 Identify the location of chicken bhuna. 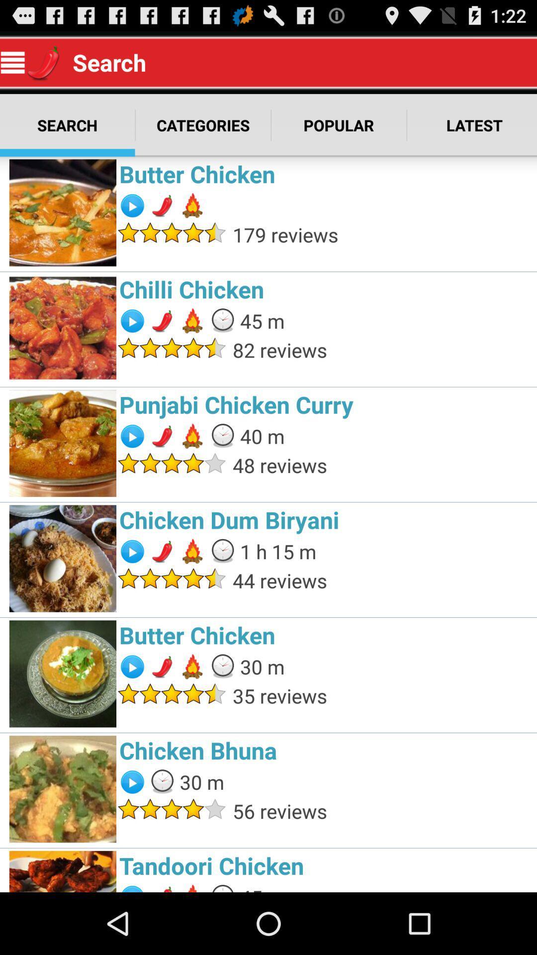
(325, 750).